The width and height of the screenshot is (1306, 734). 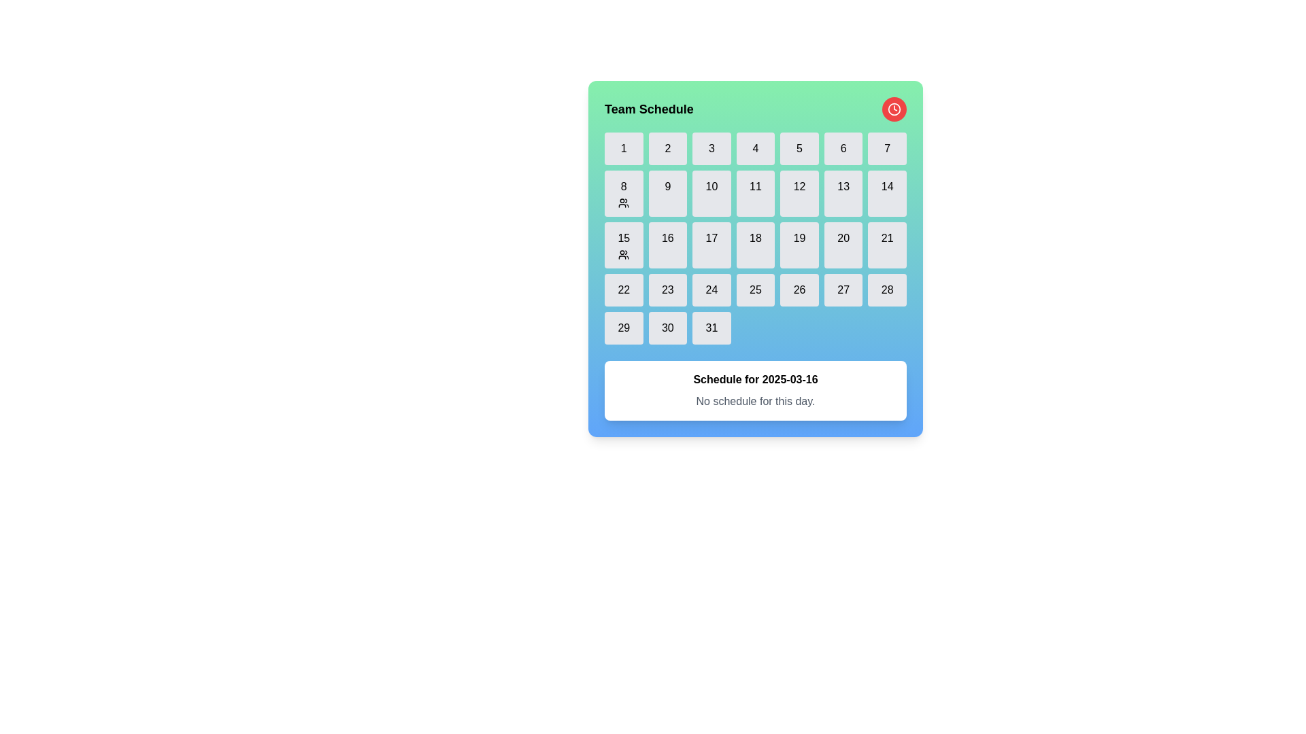 What do you see at coordinates (894, 109) in the screenshot?
I see `the circular clock icon located in the top-right corner of the calendar interface` at bounding box center [894, 109].